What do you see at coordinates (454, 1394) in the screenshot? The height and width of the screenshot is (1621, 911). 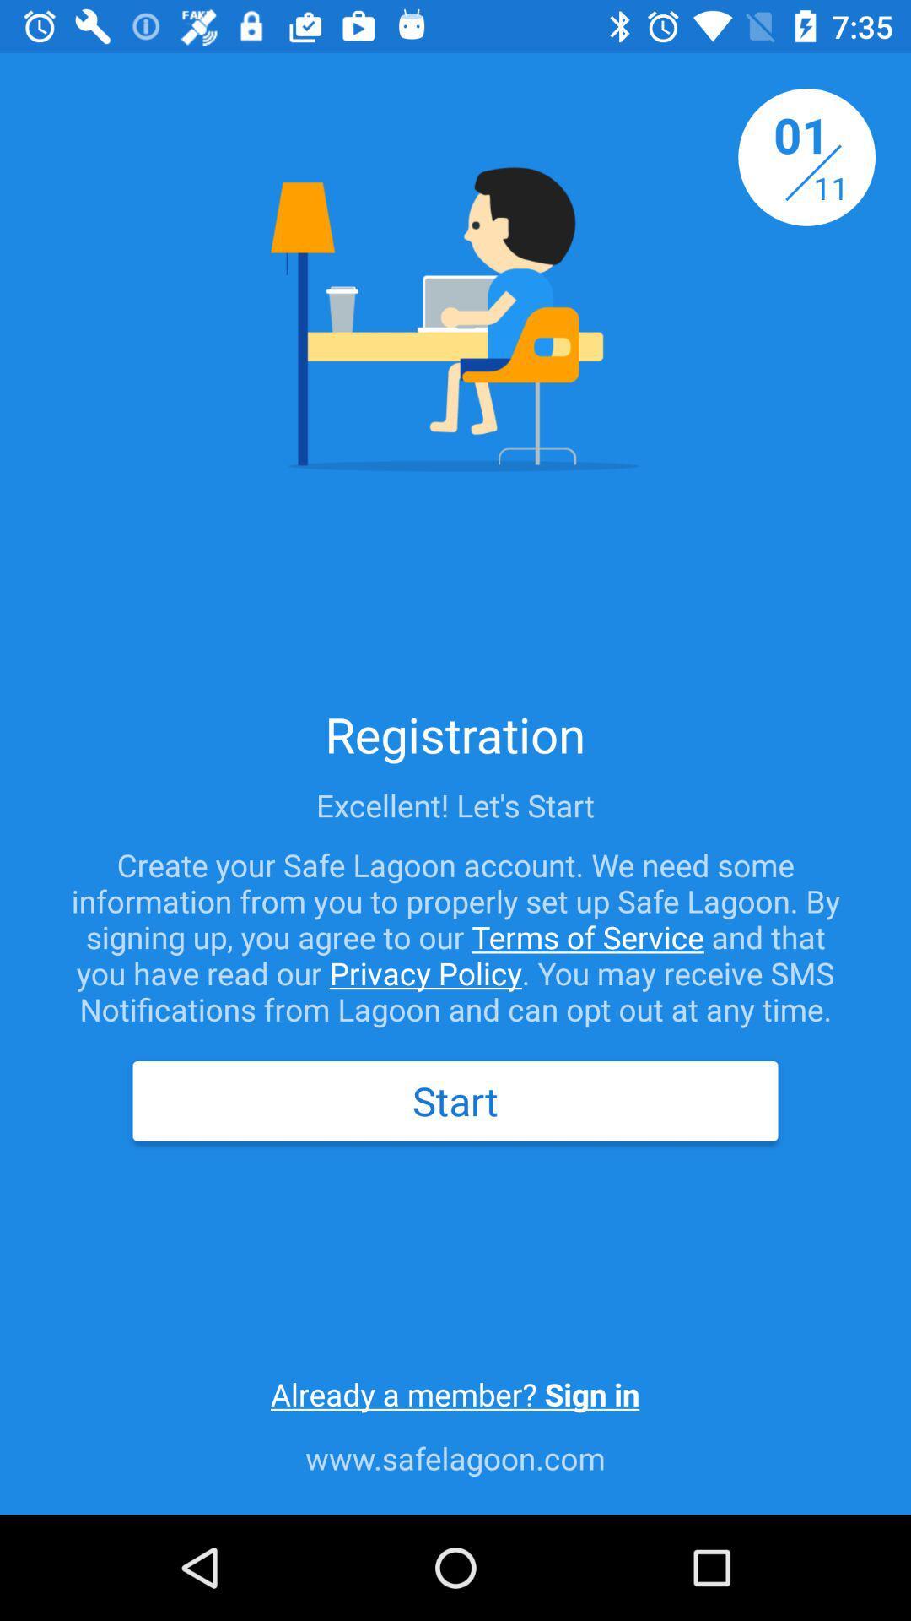 I see `item below the start icon` at bounding box center [454, 1394].